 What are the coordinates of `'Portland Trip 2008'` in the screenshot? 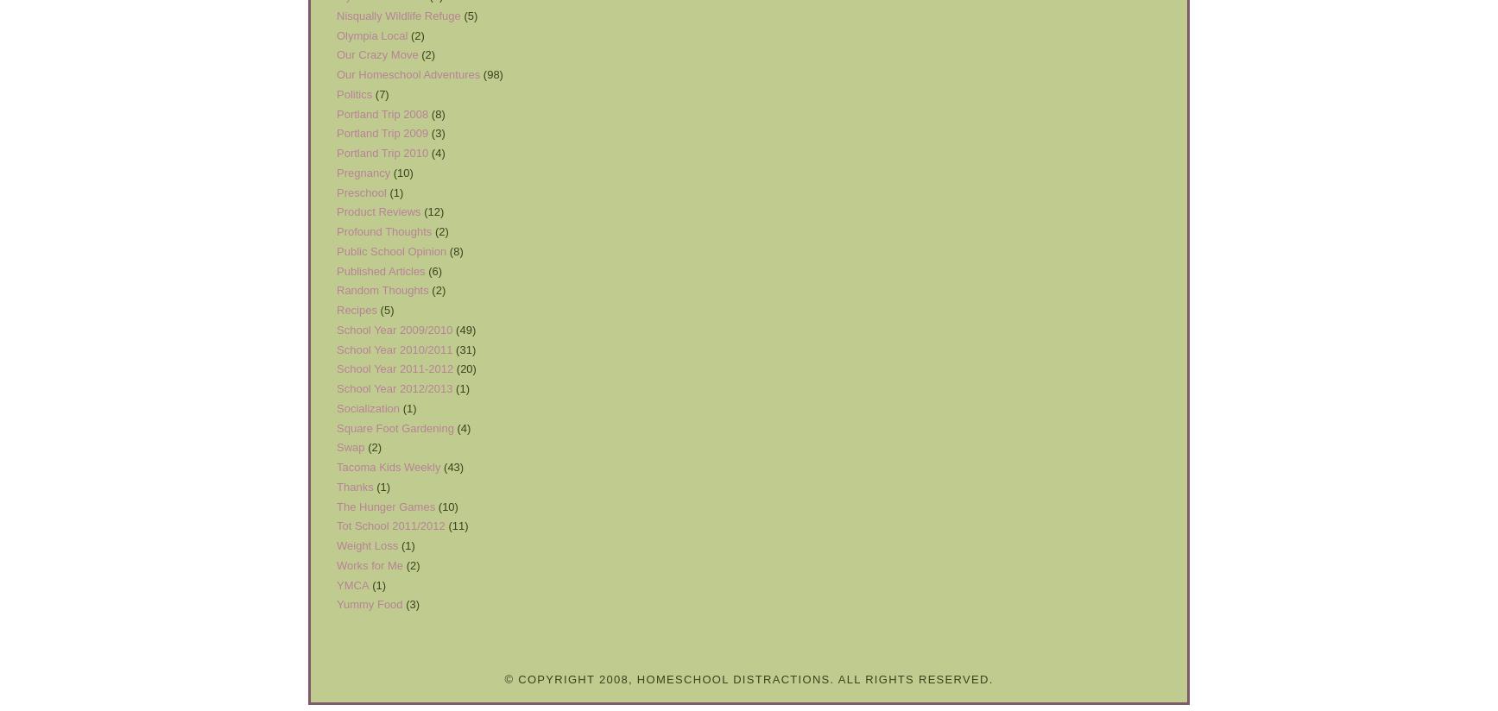 It's located at (337, 113).